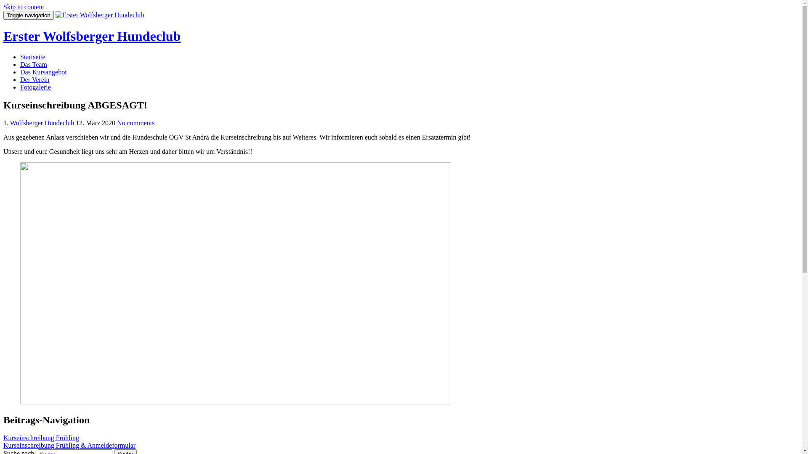  What do you see at coordinates (32, 57) in the screenshot?
I see `'Startseite'` at bounding box center [32, 57].